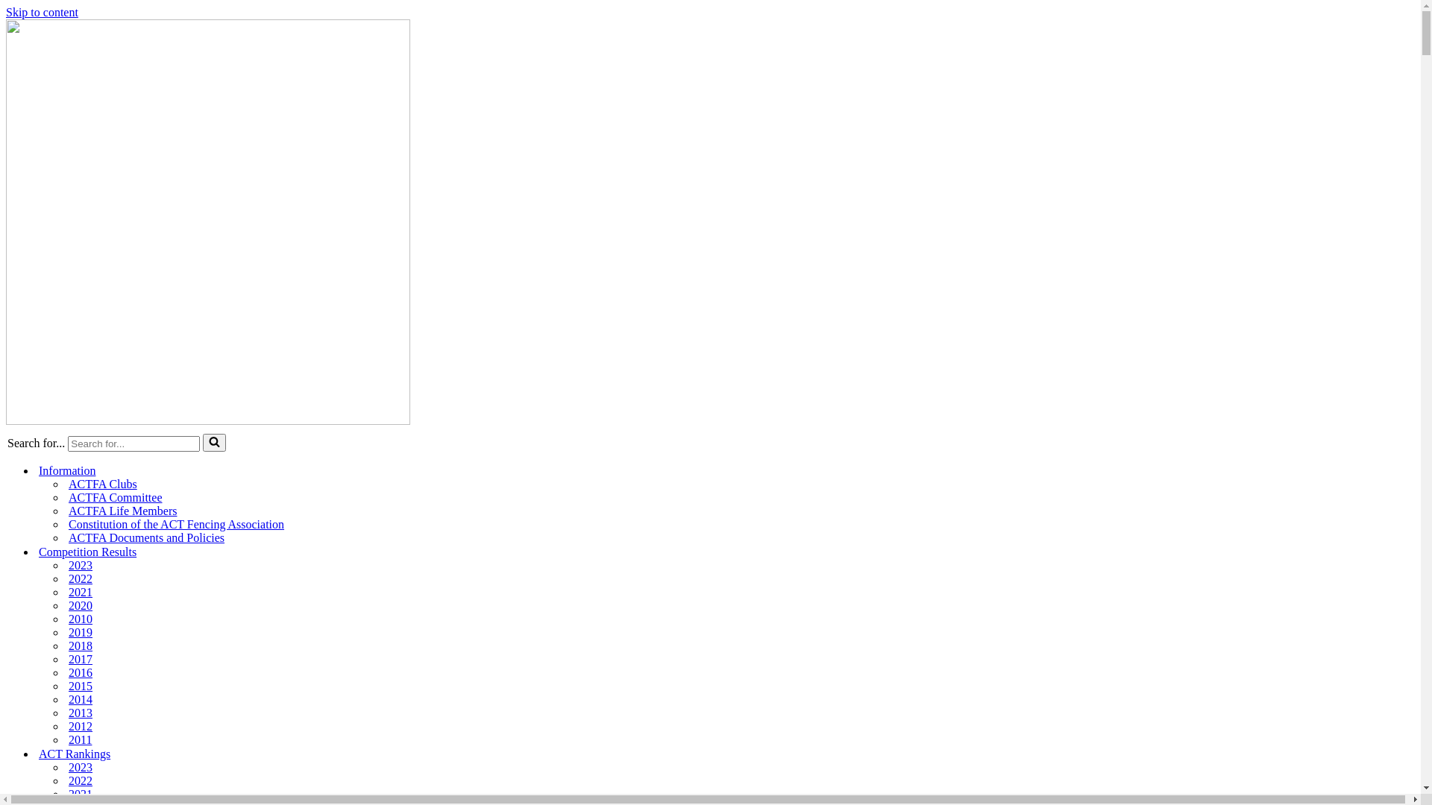 The width and height of the screenshot is (1432, 805). I want to click on '2016', so click(67, 672).